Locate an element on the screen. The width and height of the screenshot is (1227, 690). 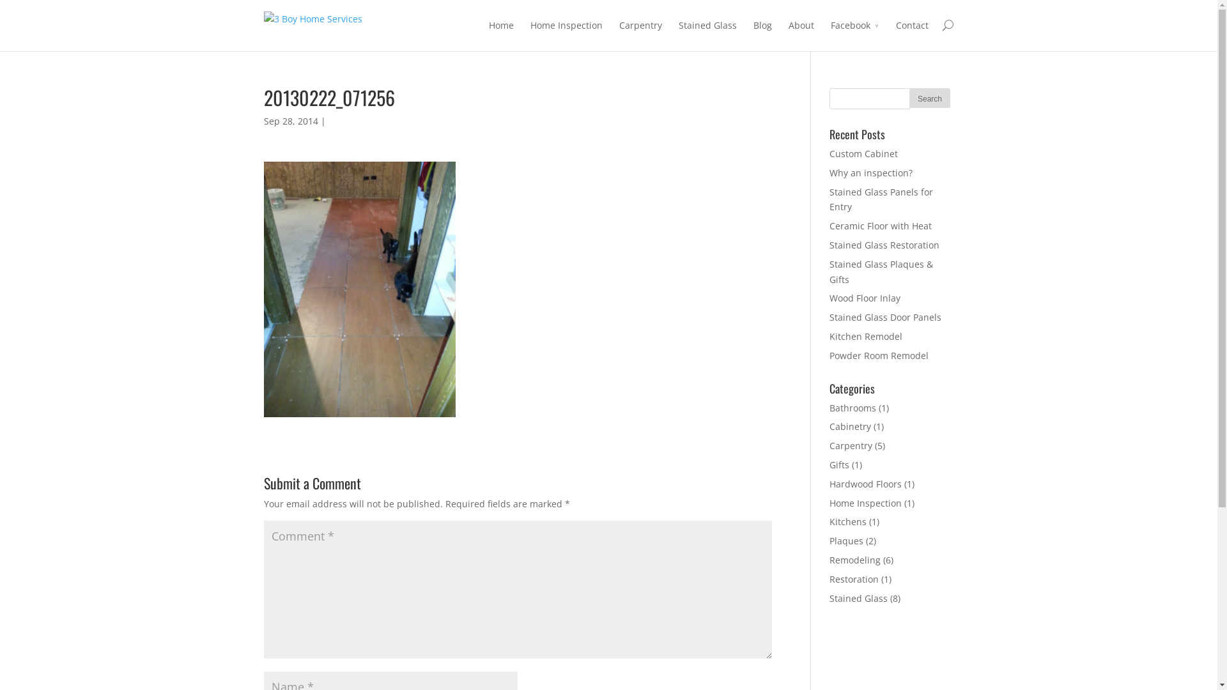
'Ceramic Floor with Heat' is located at coordinates (829, 225).